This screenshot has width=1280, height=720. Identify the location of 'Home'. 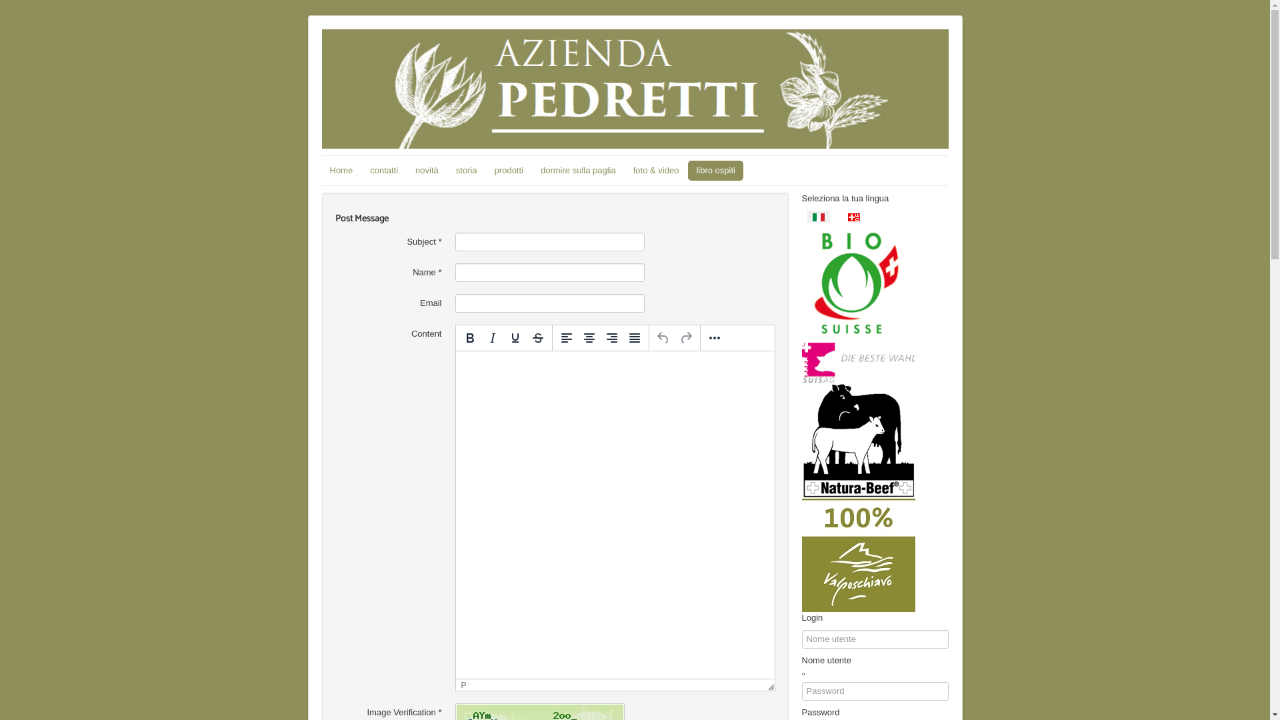
(341, 169).